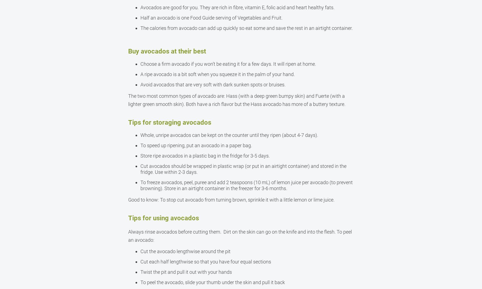  What do you see at coordinates (246, 185) in the screenshot?
I see `'To freeze avocados, peel, puree and add 2 teaspoons (10 mL) of lemon juice per avocado (to prevent browning). Store in an airtight container in the freezer for 3-6 months.'` at bounding box center [246, 185].